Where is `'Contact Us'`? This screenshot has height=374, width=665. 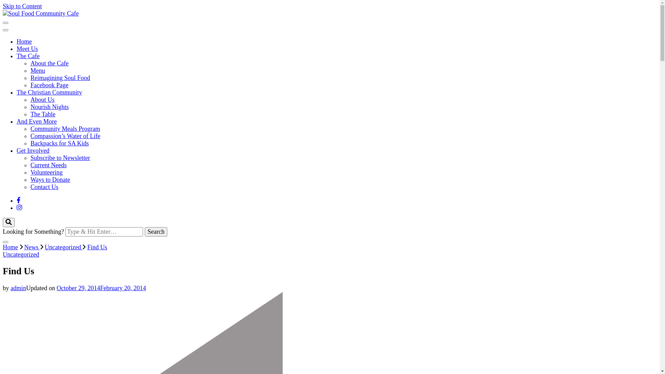
'Contact Us' is located at coordinates (44, 187).